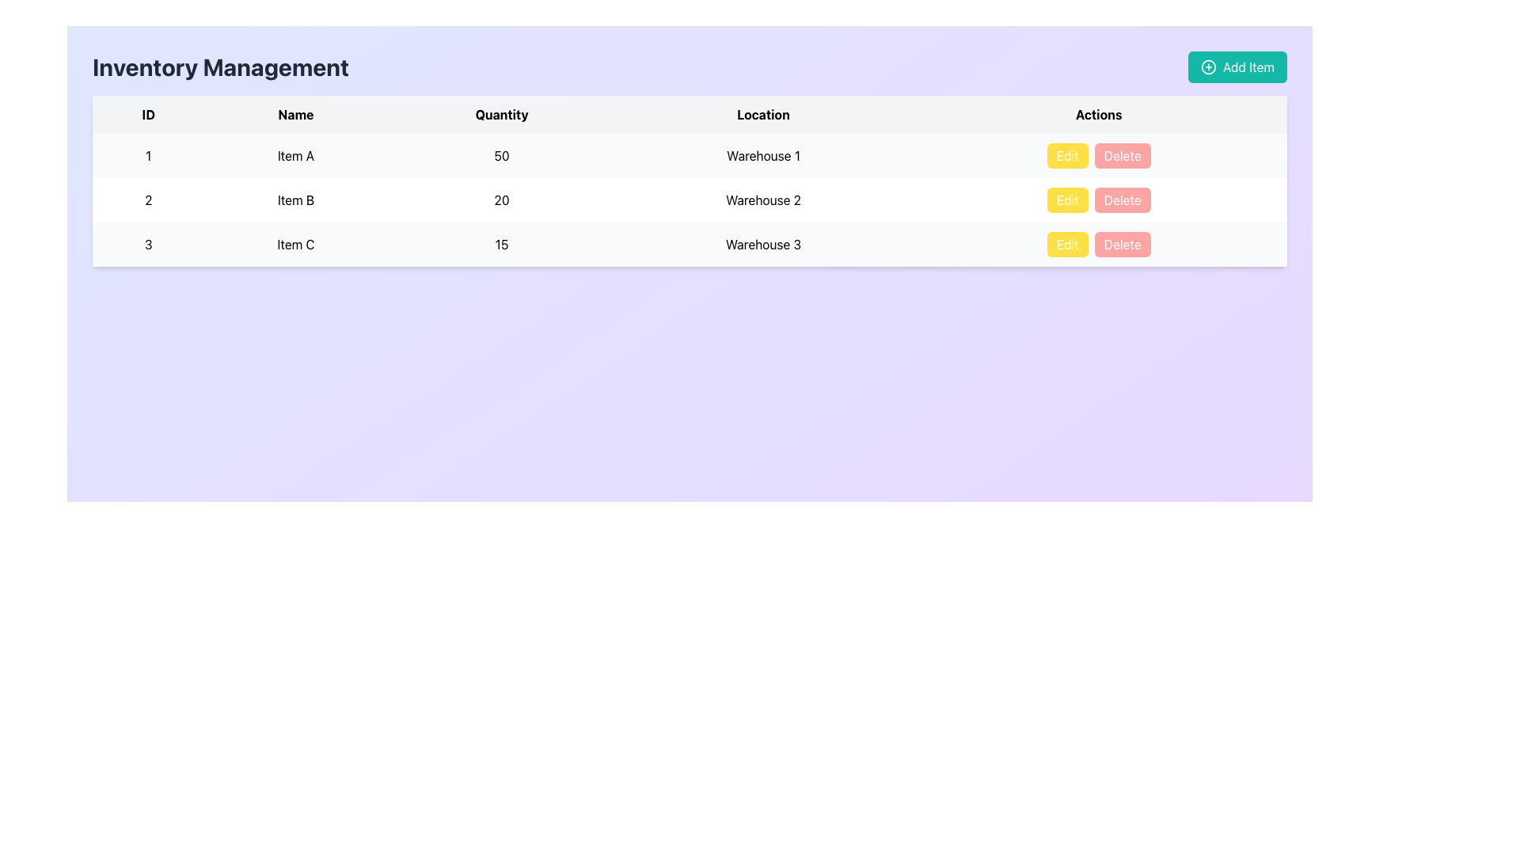  I want to click on the Text Display element that shows 'Item A', located in the second column of the first row below the header in the table, so click(296, 155).